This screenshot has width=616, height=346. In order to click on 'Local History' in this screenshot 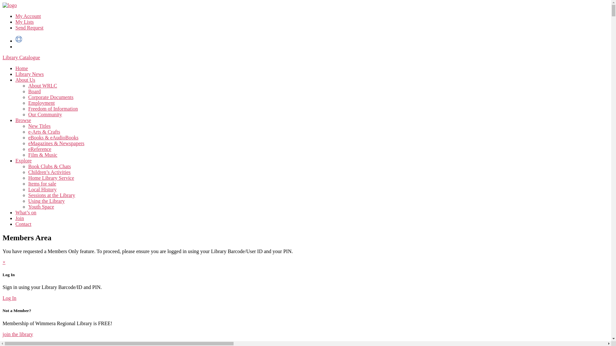, I will do `click(42, 189)`.